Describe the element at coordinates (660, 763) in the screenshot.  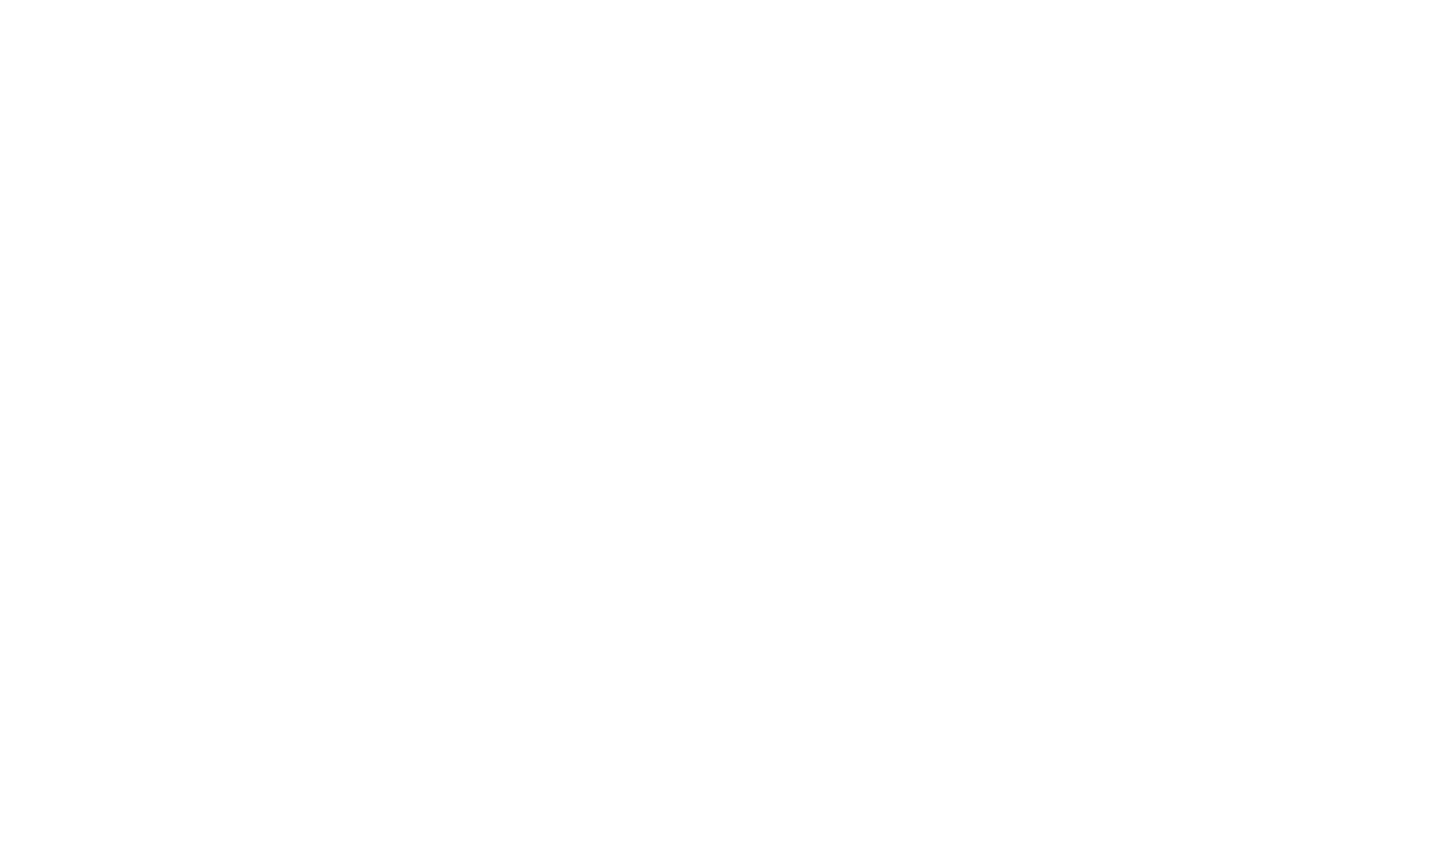
I see `'We use different types of cookies, also of  third parties, in order to personalize and improve your browsing experience on our site. For technical Cookies it is not necessary to acquire your consent: technical cookies are necessary to ensure the proper functioning of the site. You can customize your preferences by clicking on "Customize" or continue browsing with the use of technical cookies only by closing this message with the appropriate button.'` at that location.